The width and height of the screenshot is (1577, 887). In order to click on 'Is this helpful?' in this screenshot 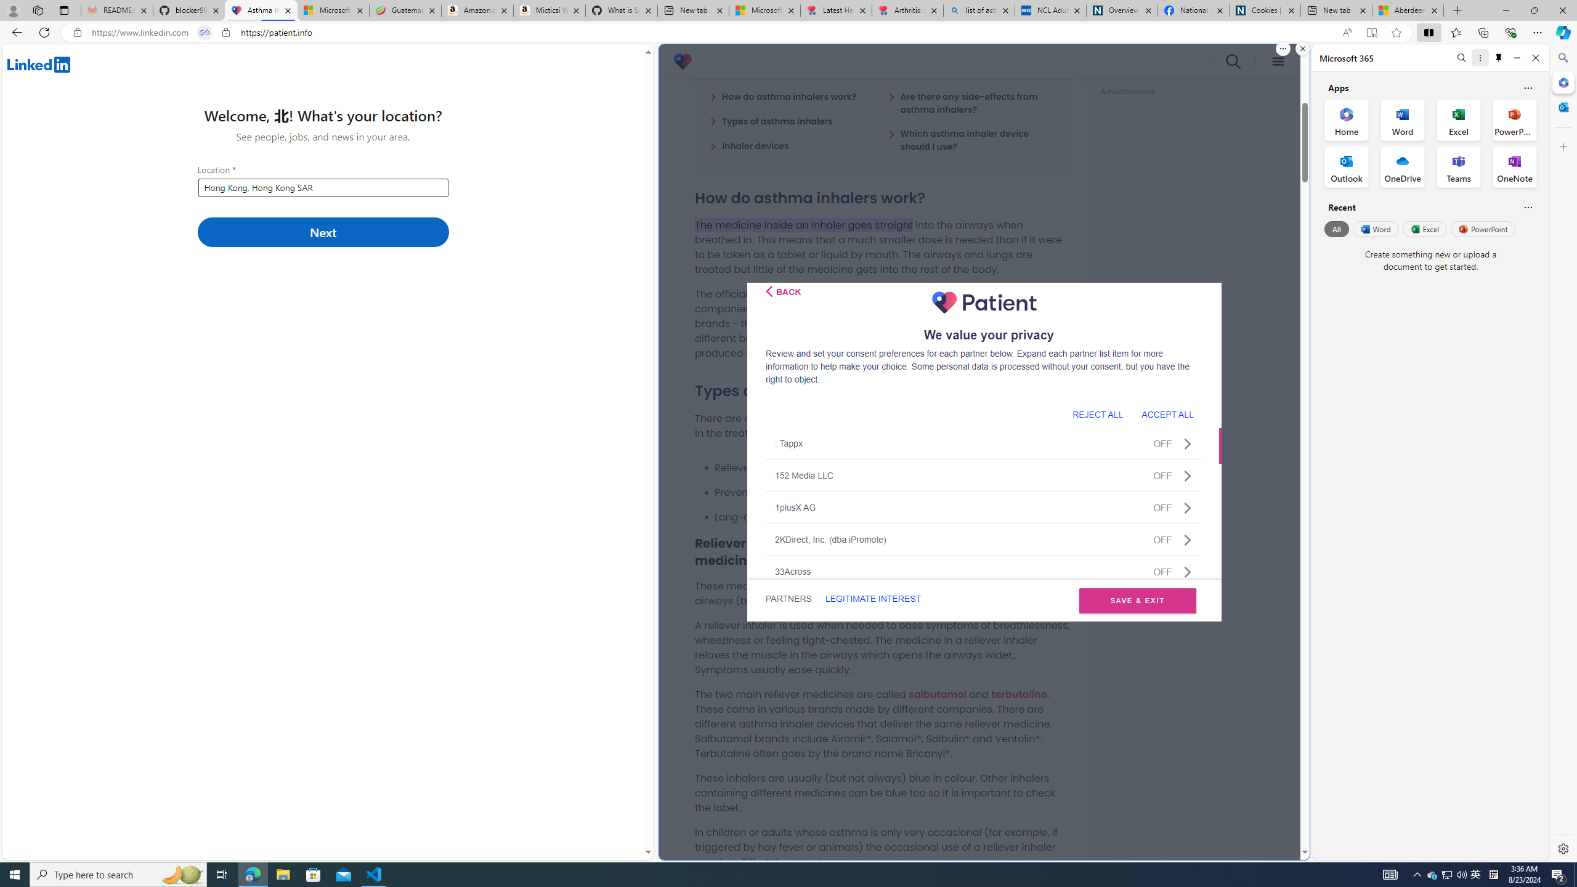, I will do `click(1527, 207)`.